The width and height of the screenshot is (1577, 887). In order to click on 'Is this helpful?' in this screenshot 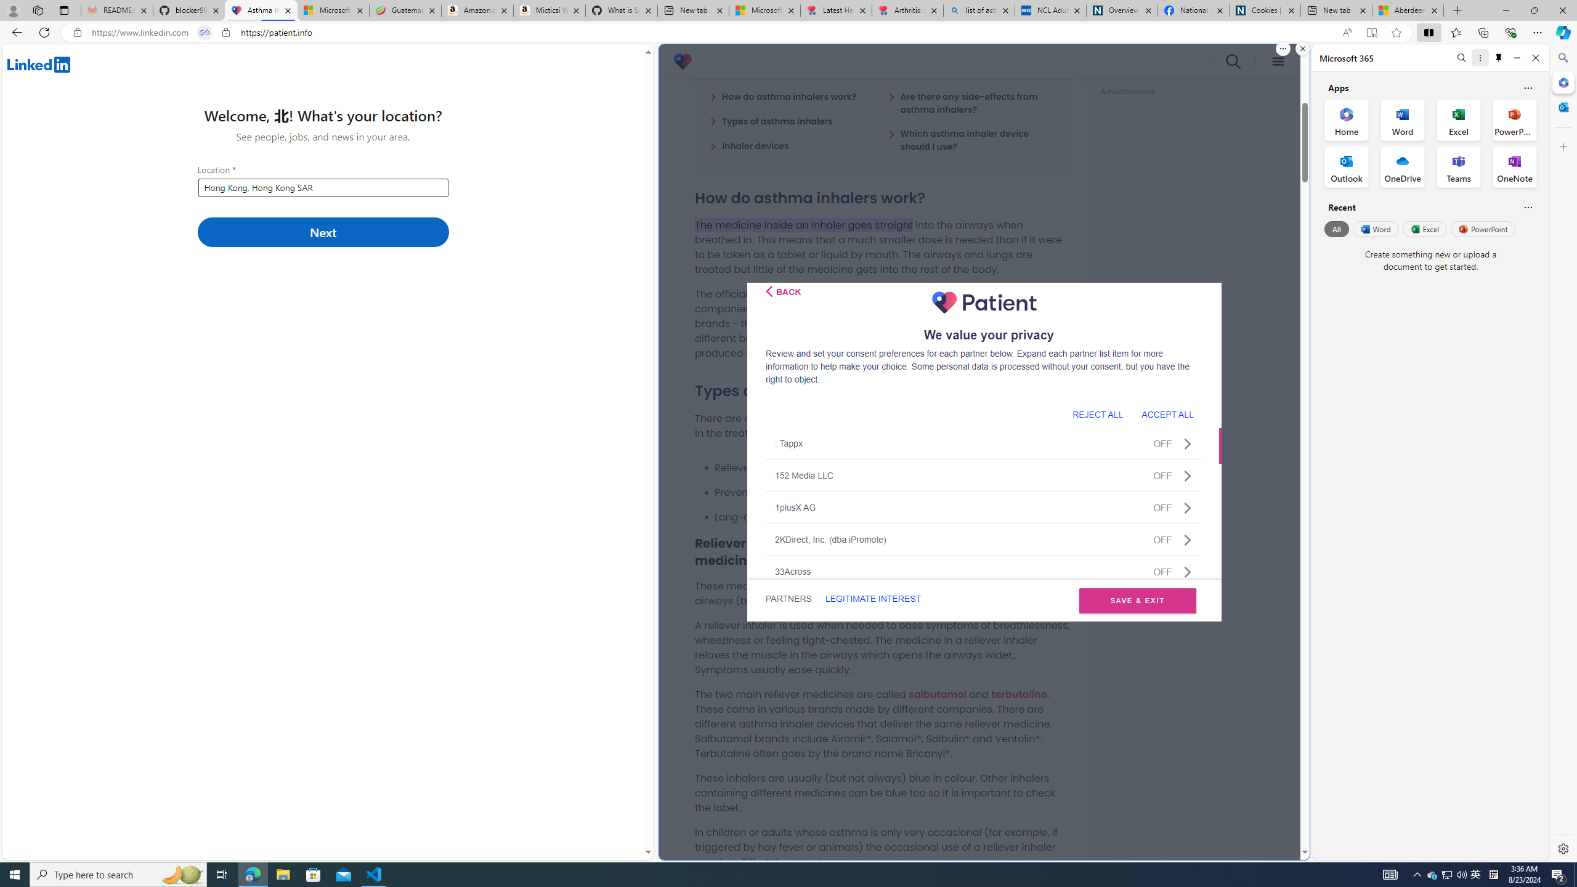, I will do `click(1527, 207)`.